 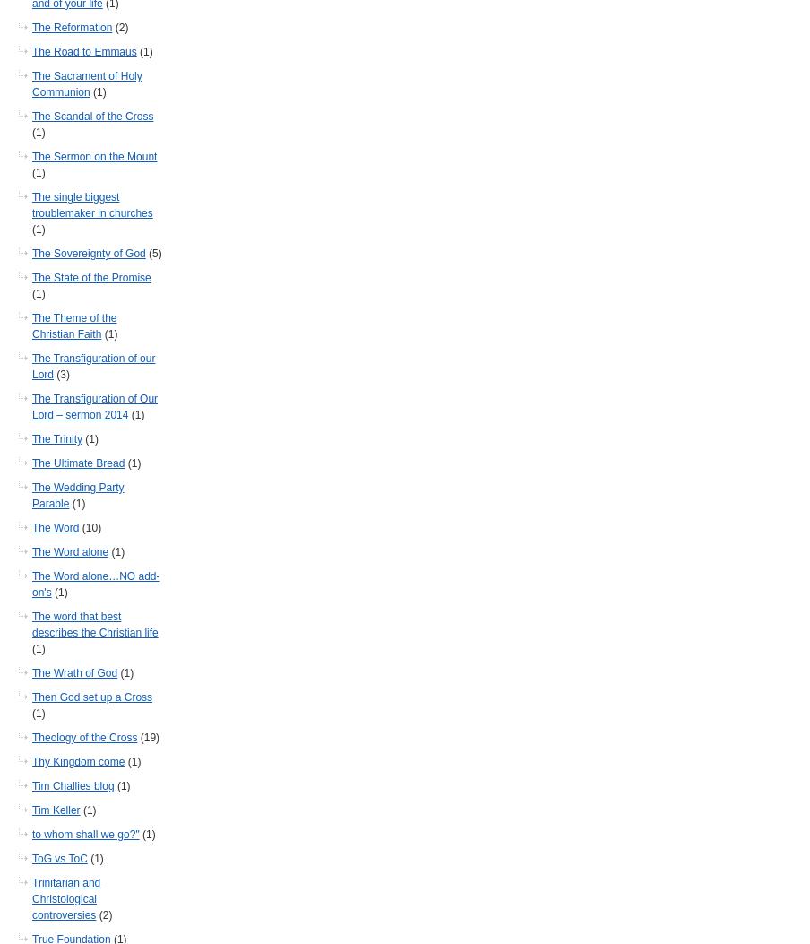 I want to click on 'The Road to Emmaus', so click(x=84, y=51).